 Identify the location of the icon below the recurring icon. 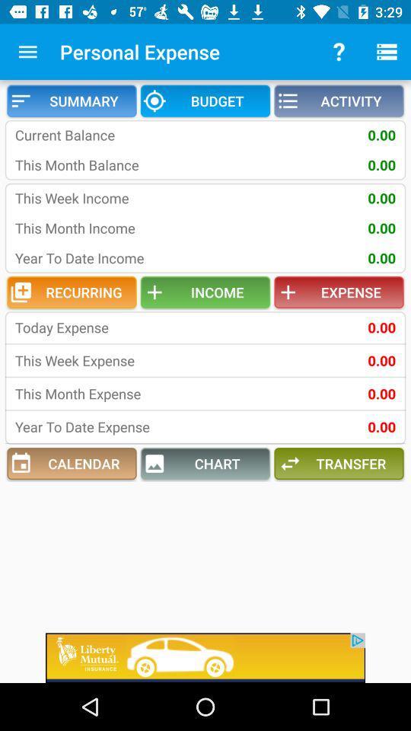
(113, 327).